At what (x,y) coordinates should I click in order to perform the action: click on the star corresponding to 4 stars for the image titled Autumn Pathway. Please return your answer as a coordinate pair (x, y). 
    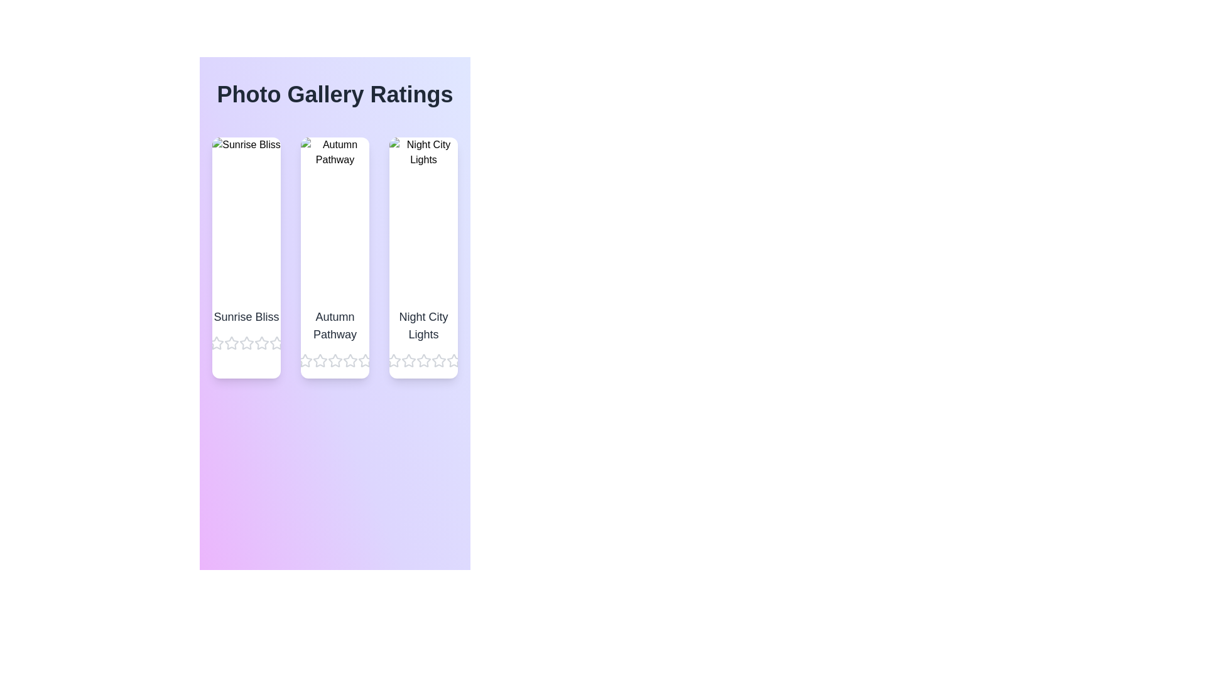
    Looking at the image, I should click on (350, 360).